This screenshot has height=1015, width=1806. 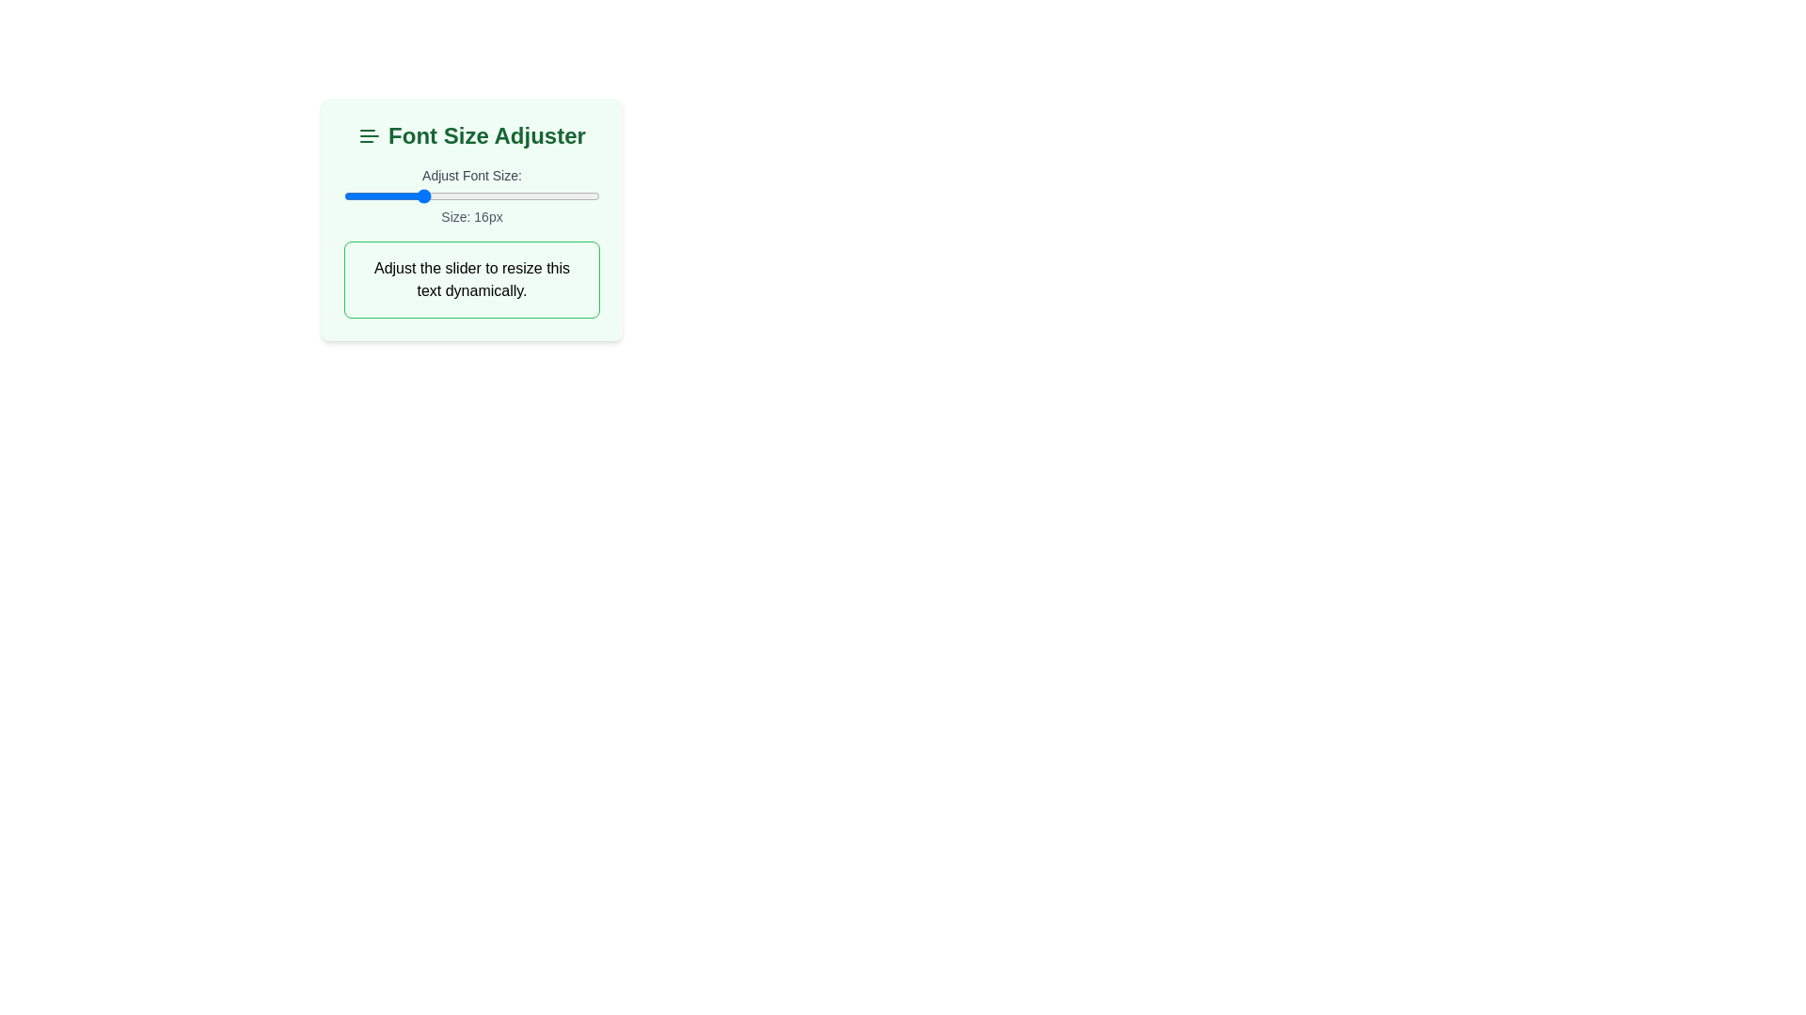 I want to click on the font size slider to 28 px, so click(x=573, y=195).